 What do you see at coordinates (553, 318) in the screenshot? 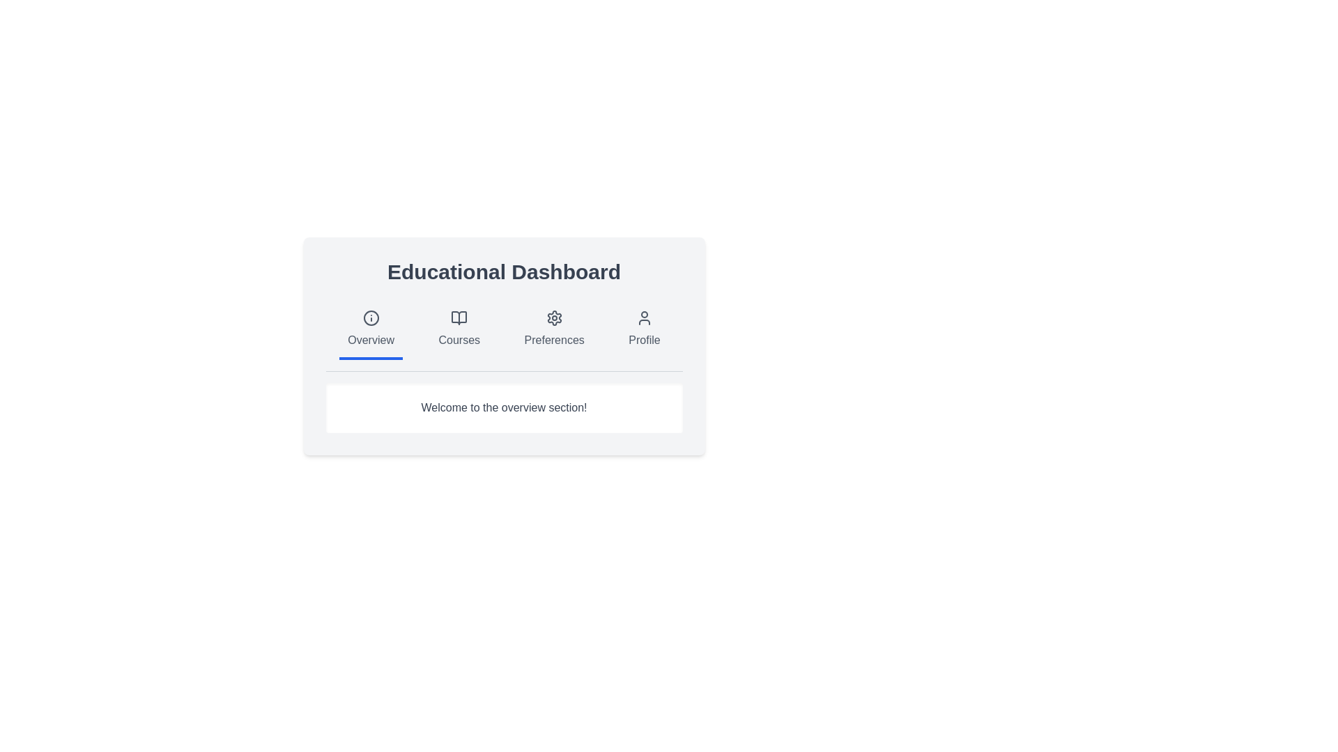
I see `the gear icon representing the 'Preferences' section` at bounding box center [553, 318].